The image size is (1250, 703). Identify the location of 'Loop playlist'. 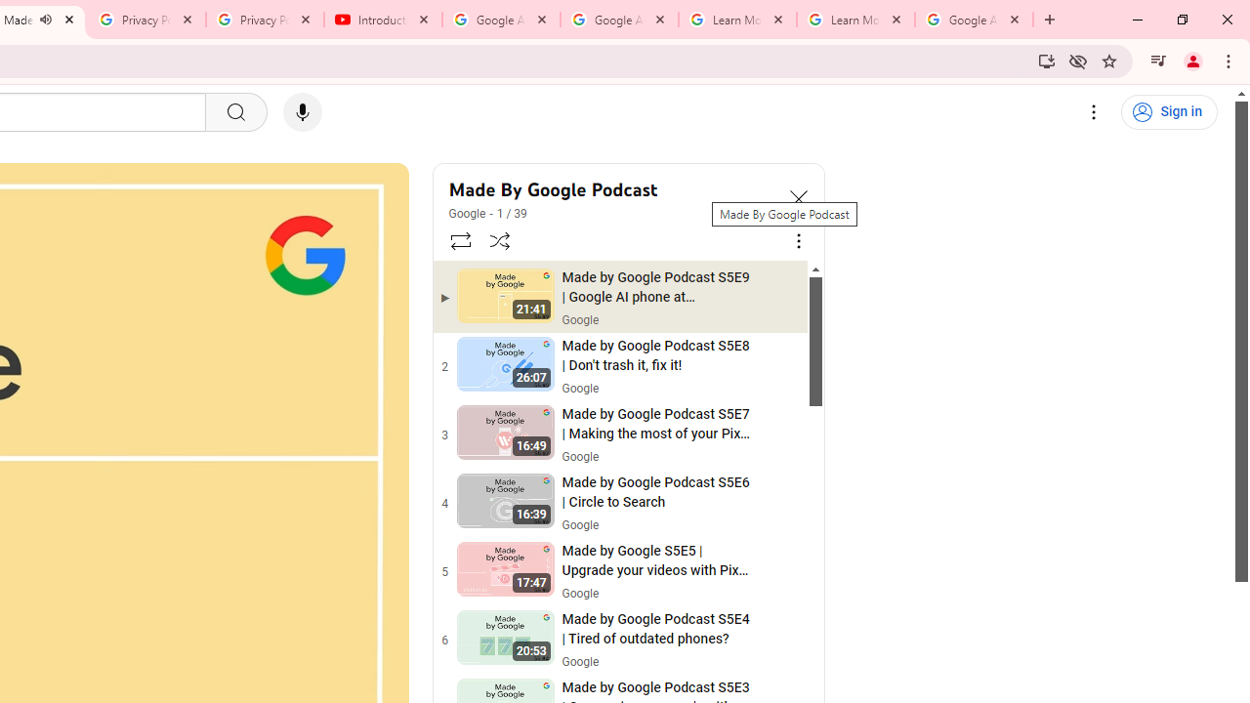
(459, 239).